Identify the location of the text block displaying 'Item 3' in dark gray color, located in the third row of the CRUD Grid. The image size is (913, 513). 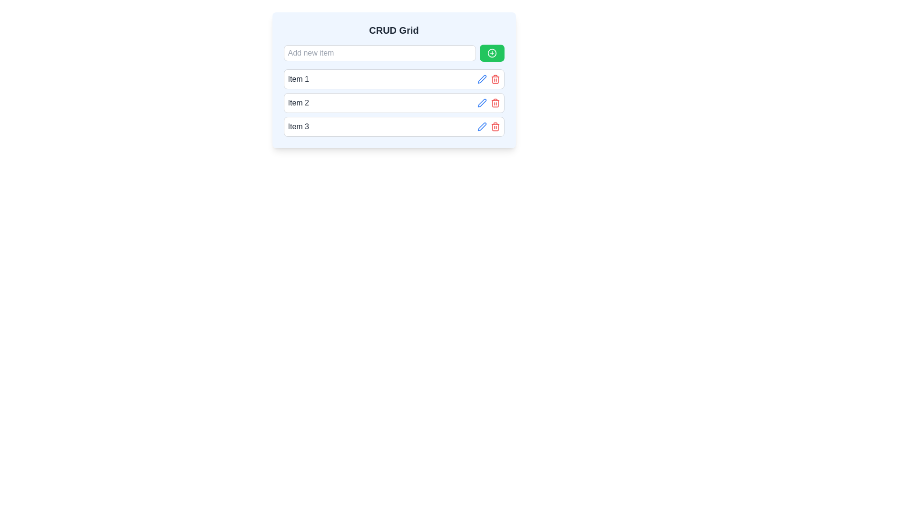
(298, 126).